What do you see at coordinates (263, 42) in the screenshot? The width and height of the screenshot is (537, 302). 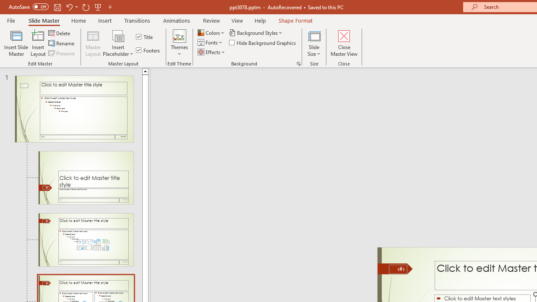 I see `'Hide Background Graphics'` at bounding box center [263, 42].